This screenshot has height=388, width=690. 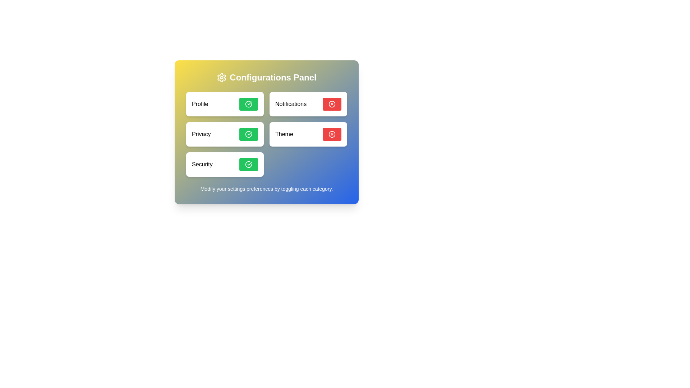 I want to click on the circular icon with a green background and white check mark, which indicates the 'Privacy' setting, located to the right of the 'Privacy' label, so click(x=248, y=134).